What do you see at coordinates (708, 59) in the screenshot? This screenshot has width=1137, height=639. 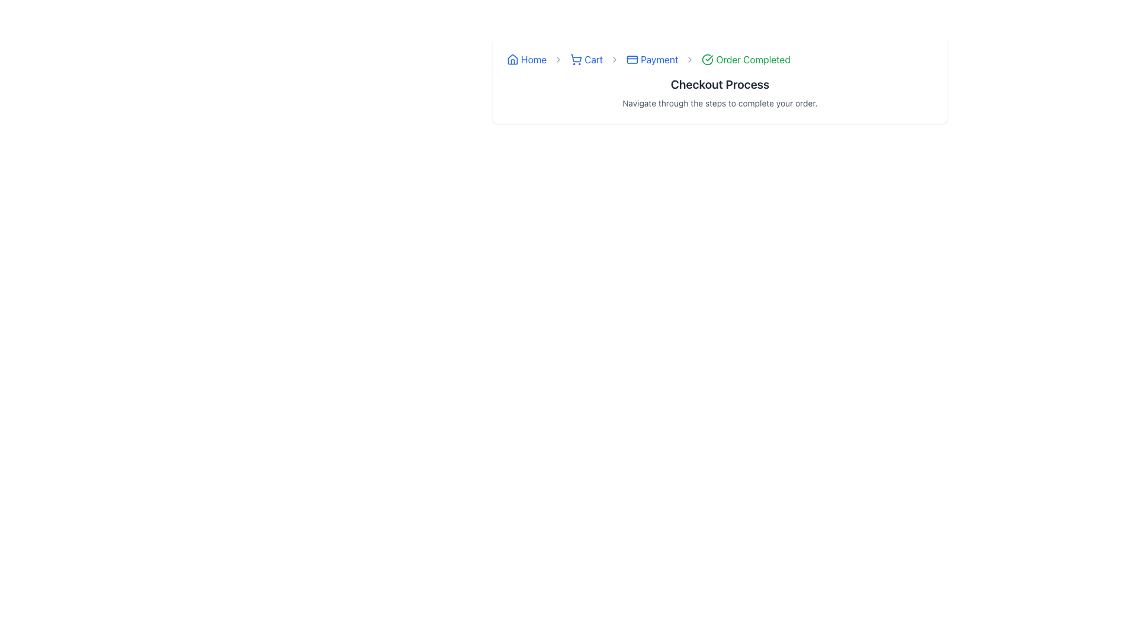 I see `the circular icon with a checkmark inside` at bounding box center [708, 59].